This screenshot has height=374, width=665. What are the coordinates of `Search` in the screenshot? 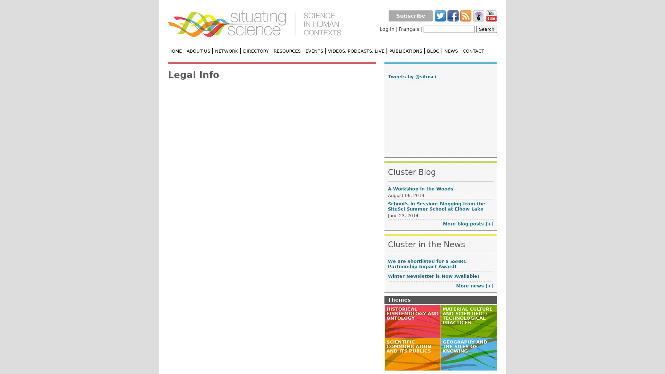 It's located at (486, 29).